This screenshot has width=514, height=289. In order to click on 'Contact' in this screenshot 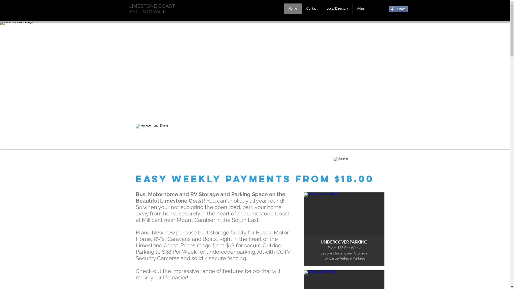, I will do `click(311, 9)`.